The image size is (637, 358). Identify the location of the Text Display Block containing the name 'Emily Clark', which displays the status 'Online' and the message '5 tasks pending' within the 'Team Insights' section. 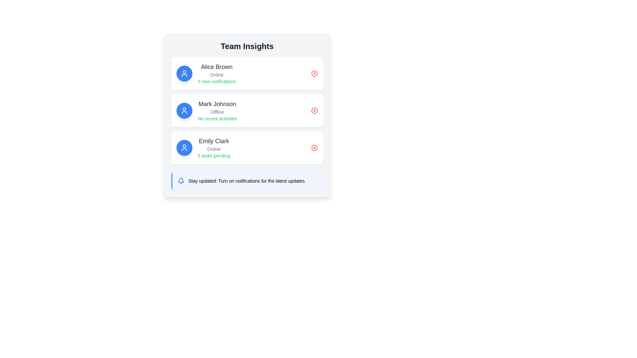
(214, 148).